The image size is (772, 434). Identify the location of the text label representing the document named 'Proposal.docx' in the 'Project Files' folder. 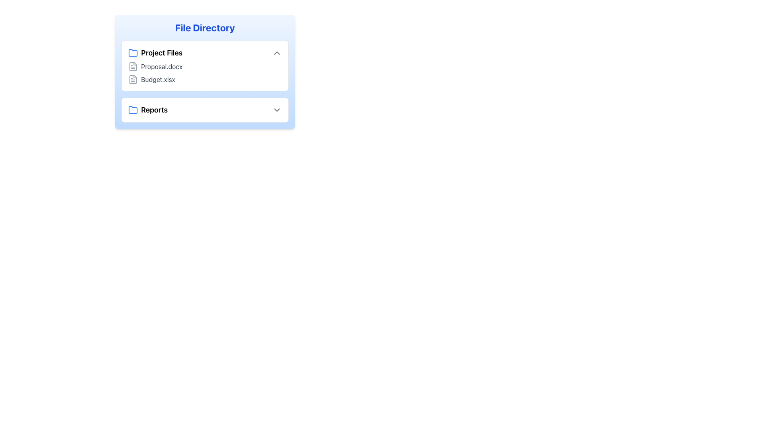
(161, 66).